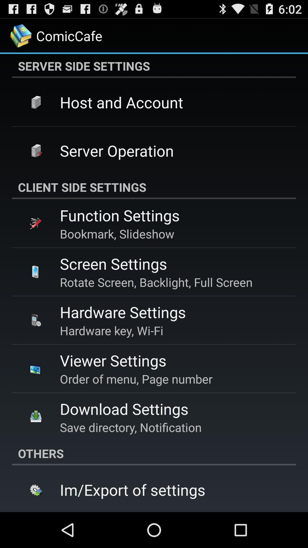 The height and width of the screenshot is (548, 308). I want to click on download settings, so click(124, 408).